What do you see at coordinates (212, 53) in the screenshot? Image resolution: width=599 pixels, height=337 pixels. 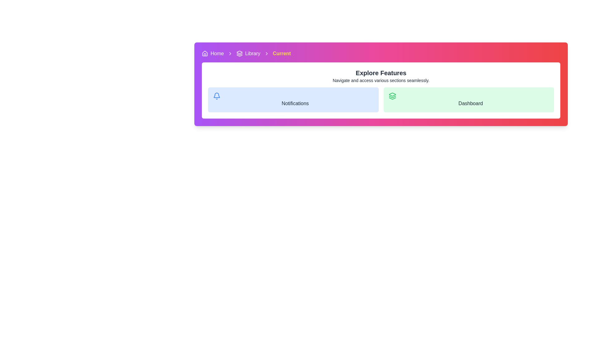 I see `the 'Home' breadcrumb link, which consists of a house icon and the text label 'Home', located on the leftmost side of the breadcrumb navigation bar` at bounding box center [212, 53].